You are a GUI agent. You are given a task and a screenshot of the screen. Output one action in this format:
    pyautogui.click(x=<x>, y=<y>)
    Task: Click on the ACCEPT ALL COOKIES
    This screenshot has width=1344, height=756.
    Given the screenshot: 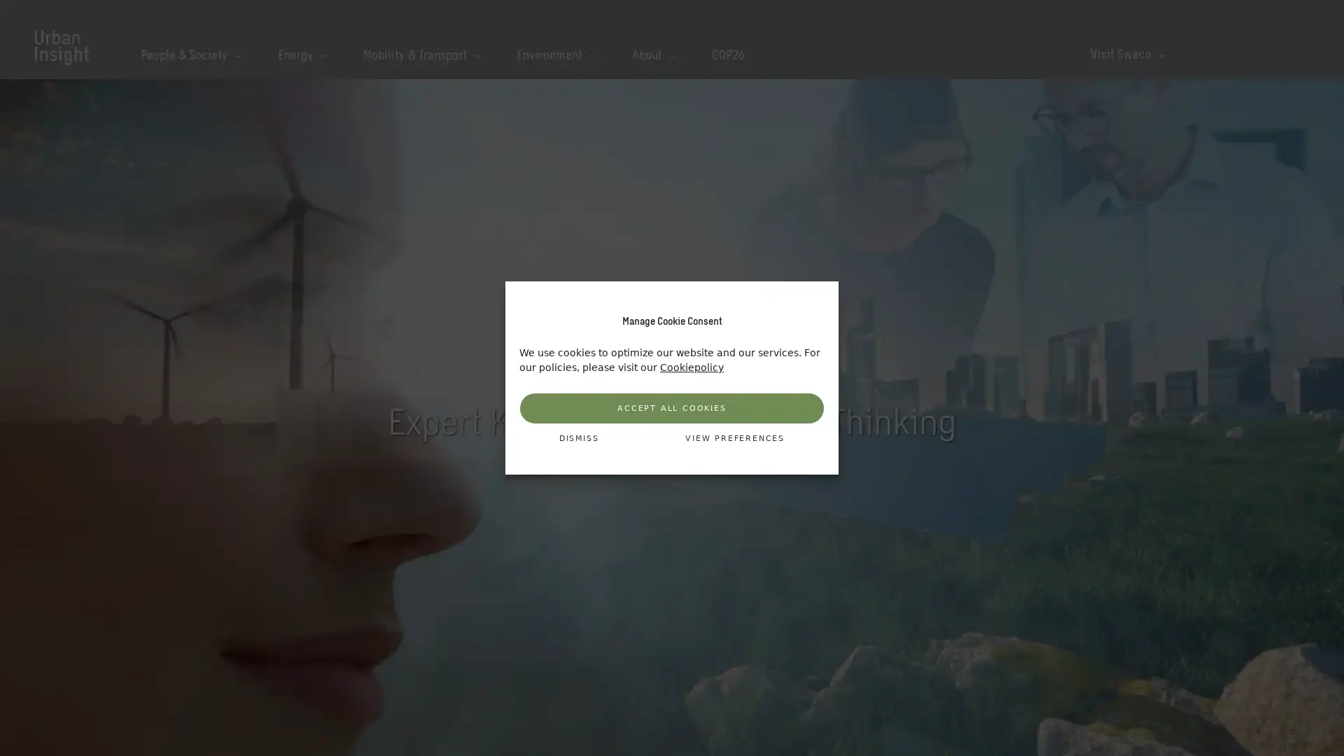 What is the action you would take?
    pyautogui.click(x=672, y=408)
    